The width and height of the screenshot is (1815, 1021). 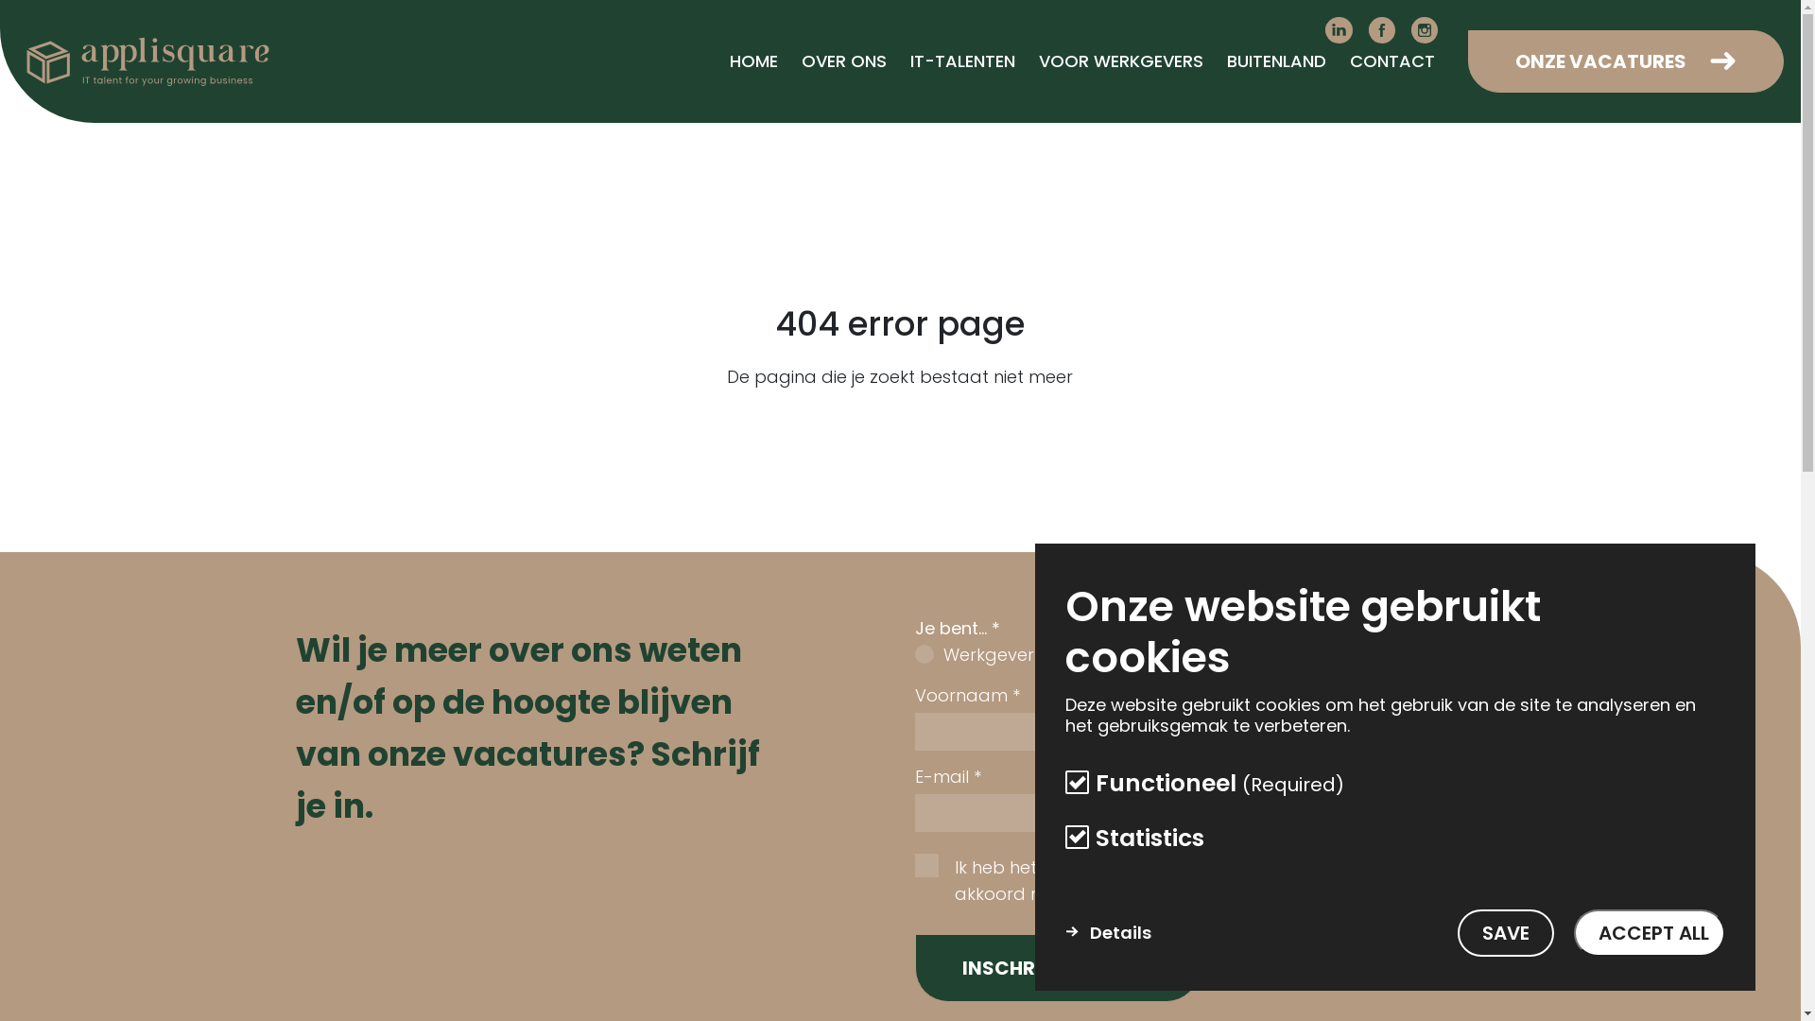 I want to click on 'SAVE', so click(x=1505, y=932).